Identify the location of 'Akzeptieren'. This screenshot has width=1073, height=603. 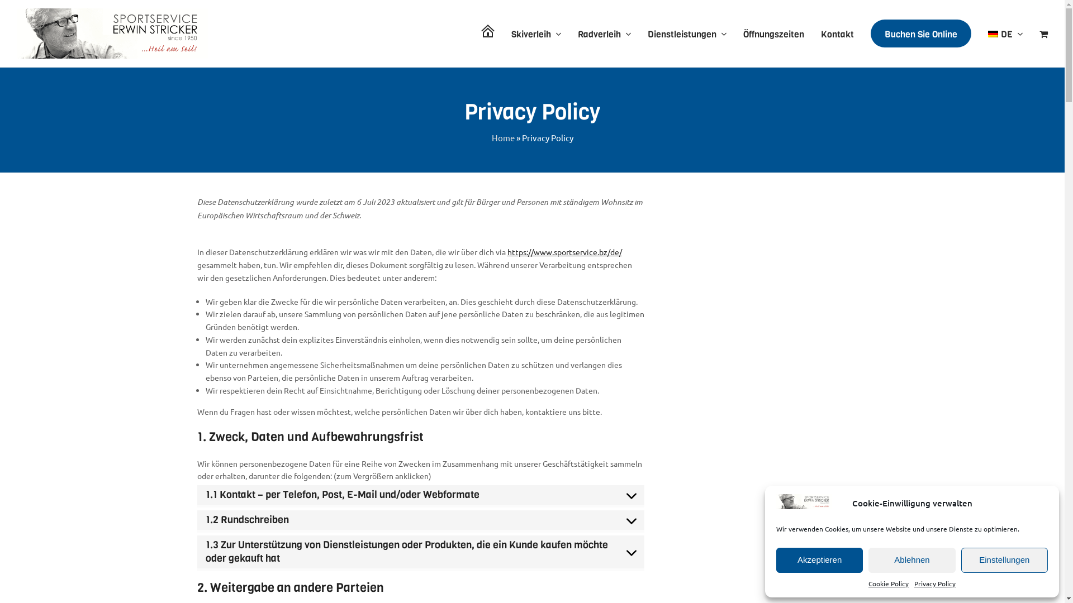
(775, 559).